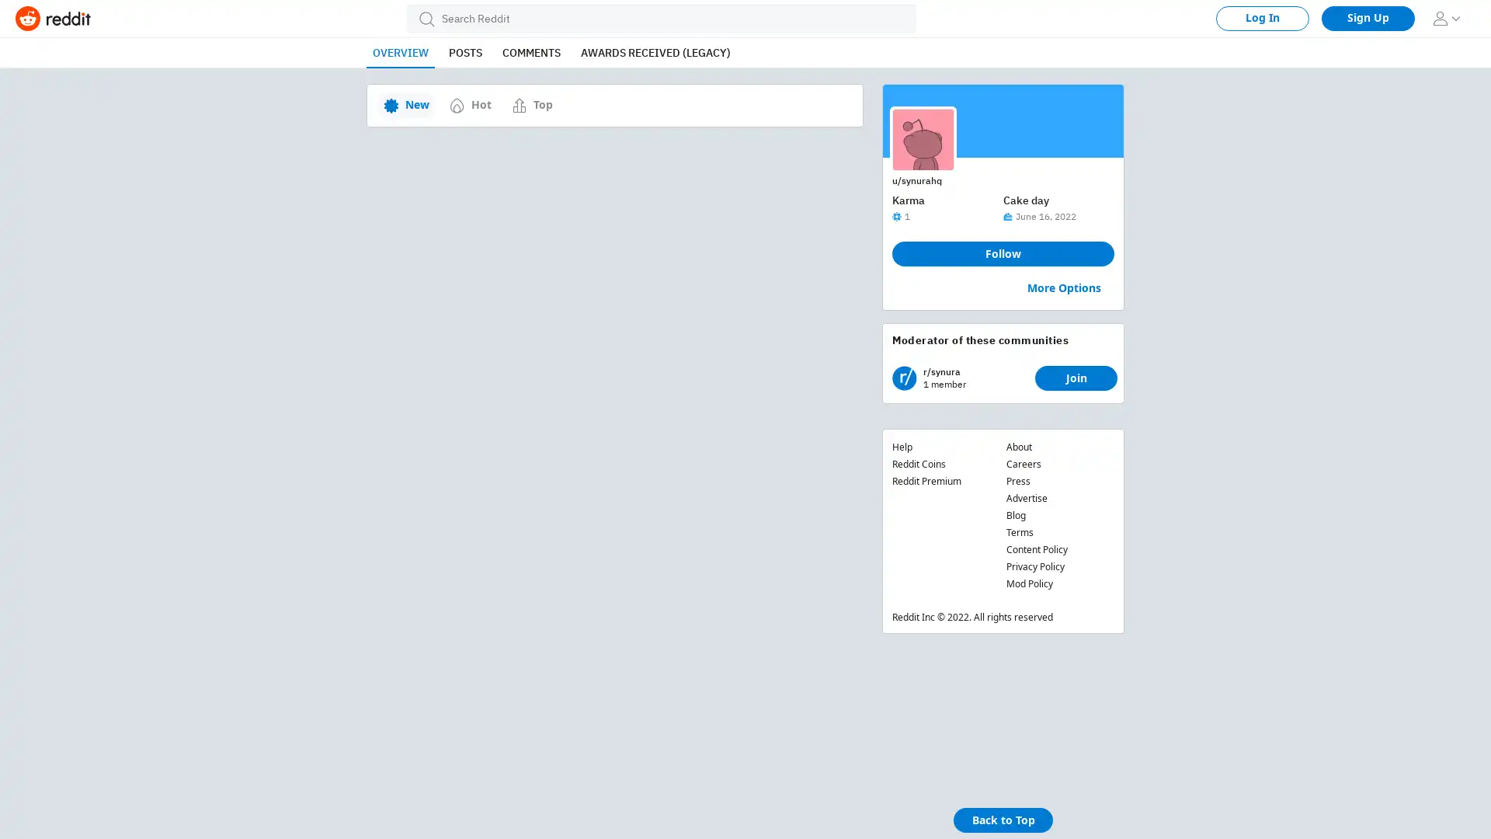  Describe the element at coordinates (1368, 18) in the screenshot. I see `Sign Up` at that location.